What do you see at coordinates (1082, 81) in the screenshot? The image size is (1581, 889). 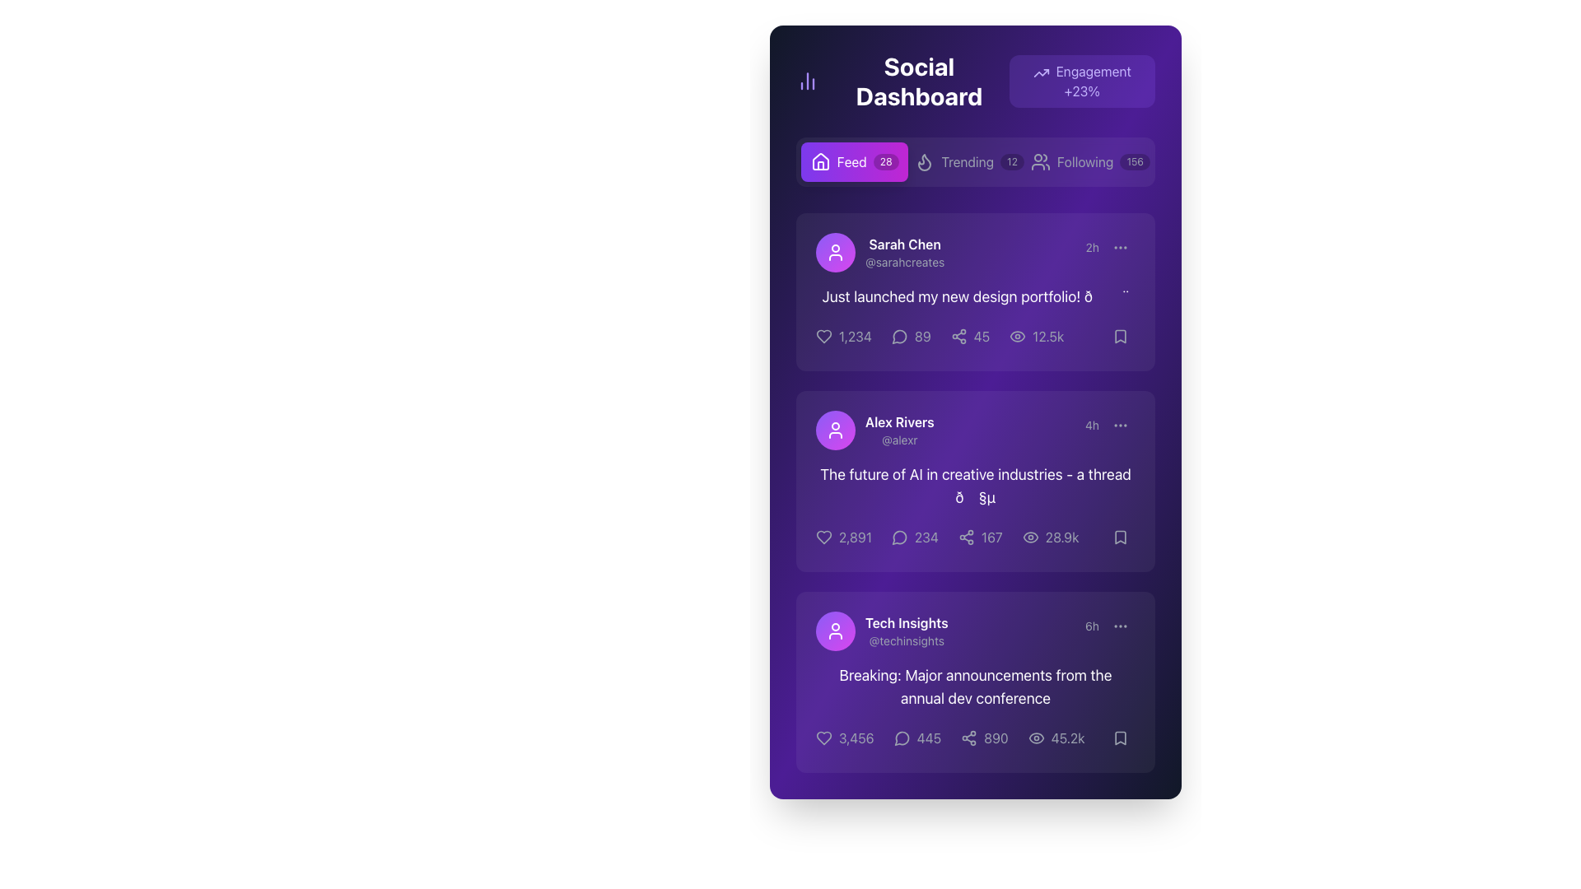 I see `the Informational component displaying the text 'Engagement +23%' with a pill-shaped button style located to the right of the title 'Social Dashboard'` at bounding box center [1082, 81].